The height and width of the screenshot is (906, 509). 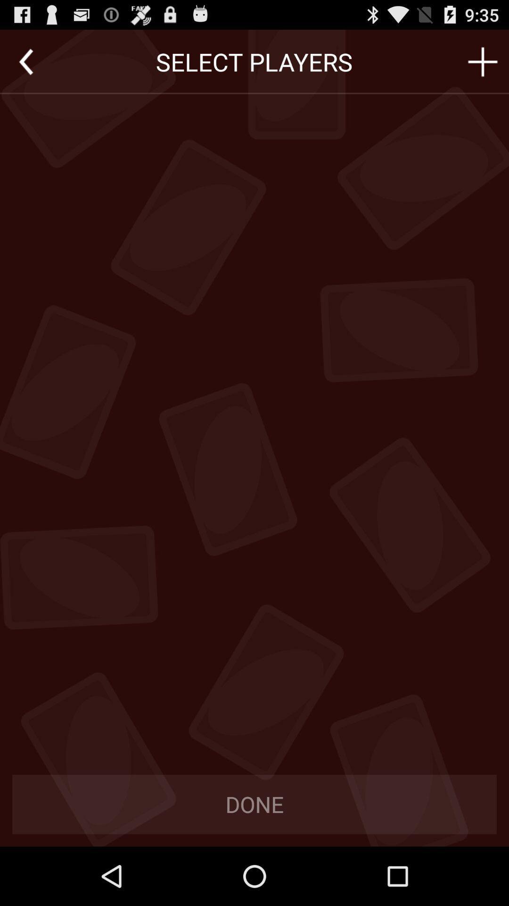 I want to click on the add icon, so click(x=483, y=66).